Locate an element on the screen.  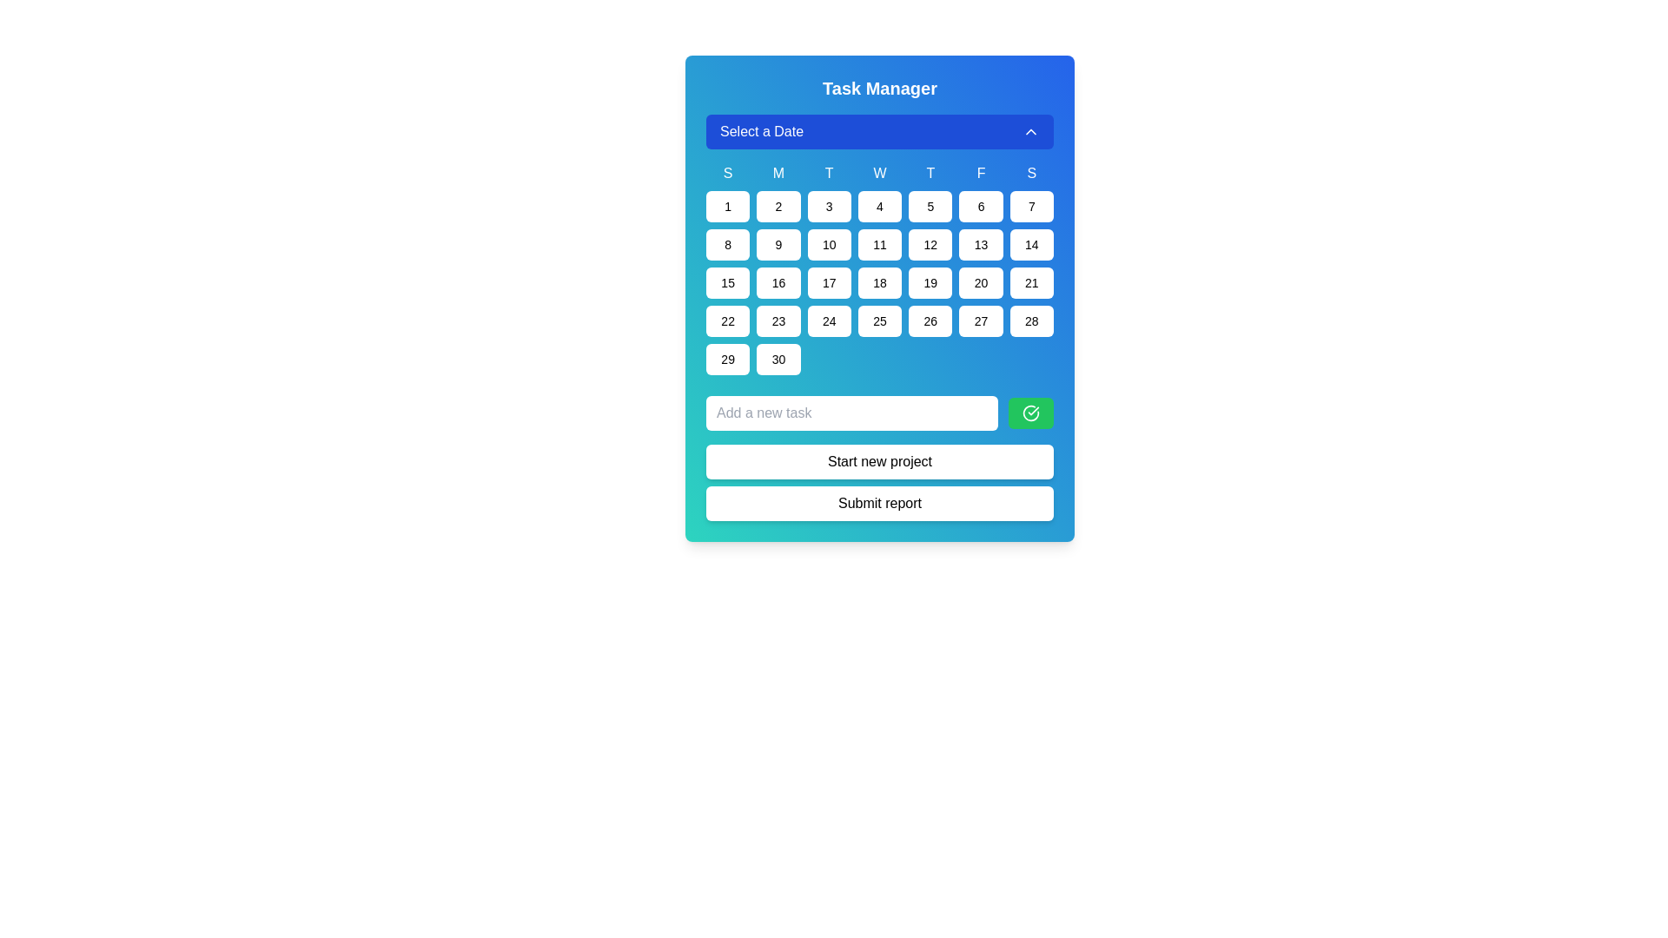
the button representing the selectable date '10' in the calendar interface is located at coordinates (828, 244).